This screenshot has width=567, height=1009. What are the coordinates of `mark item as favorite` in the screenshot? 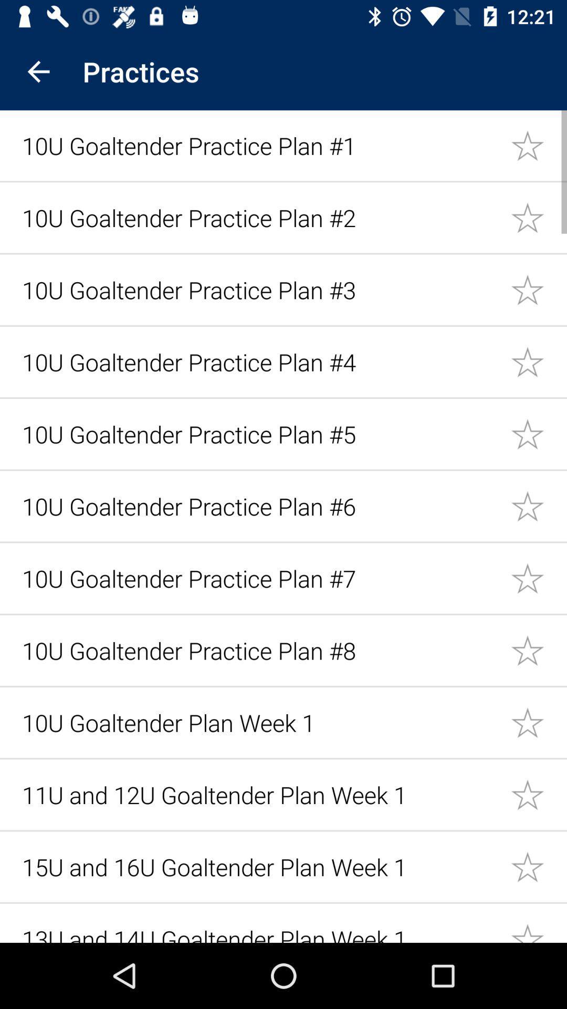 It's located at (539, 145).